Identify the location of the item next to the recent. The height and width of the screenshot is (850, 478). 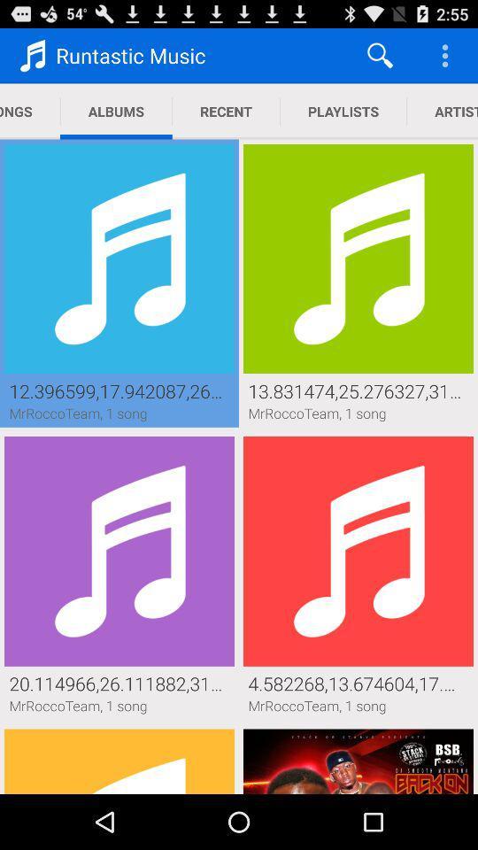
(343, 111).